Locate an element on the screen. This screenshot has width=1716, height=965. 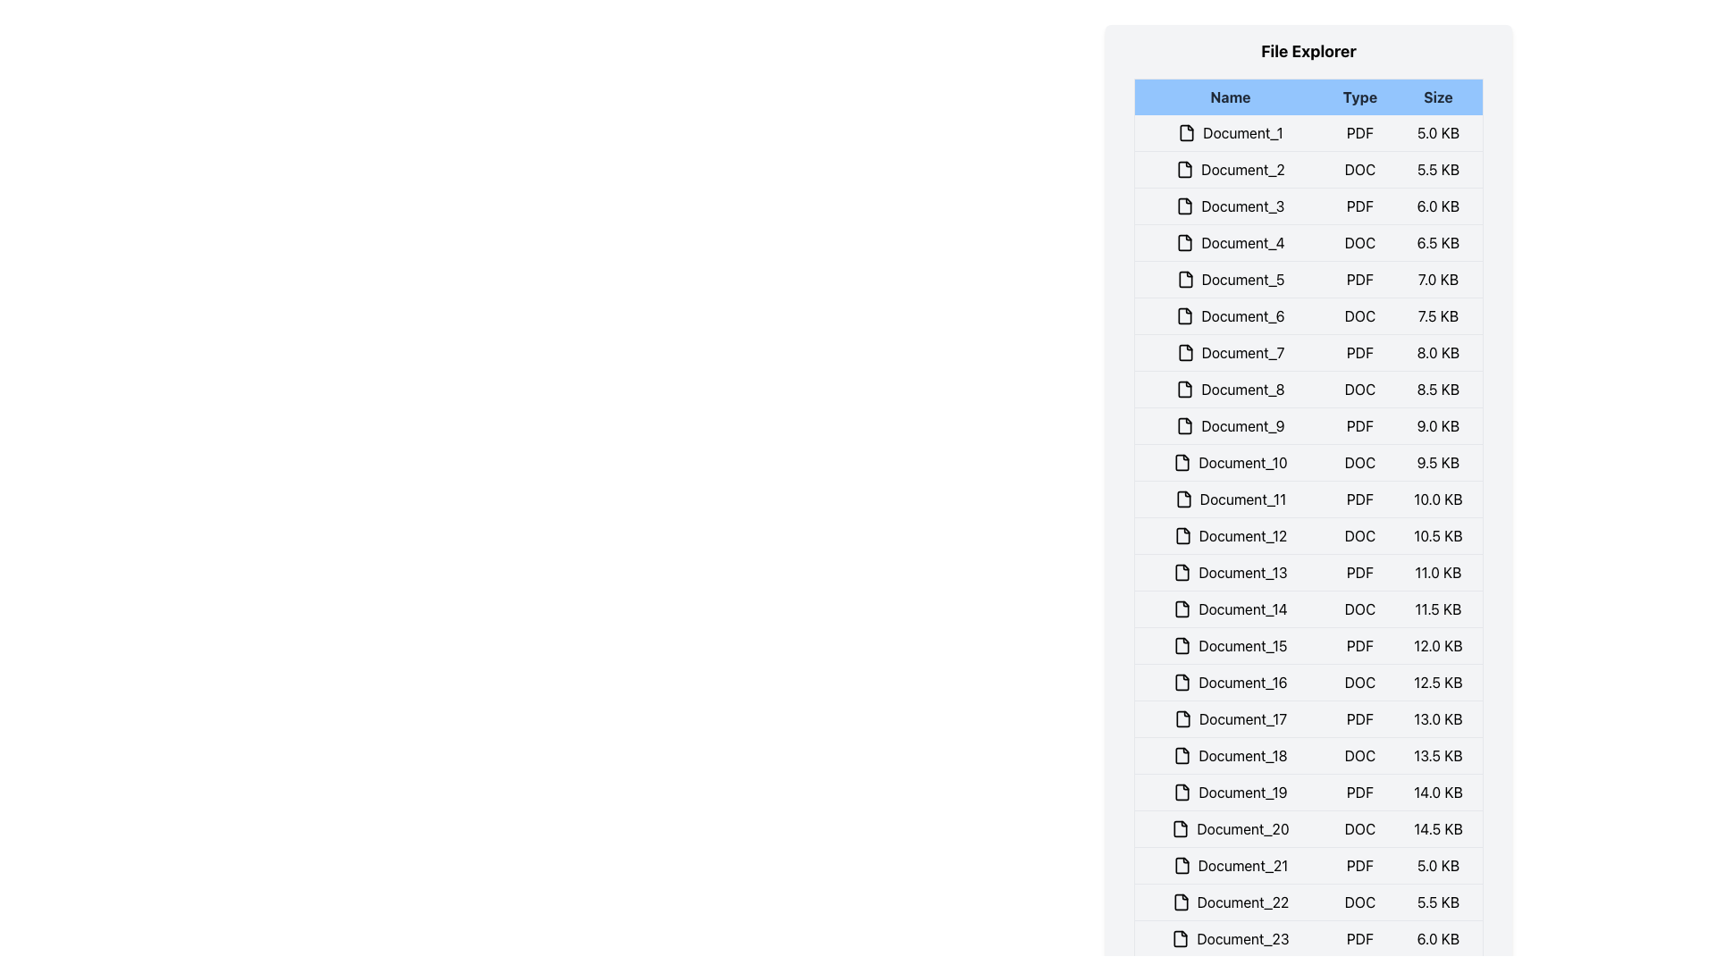
the text label displaying the file name 'Document_7' in the file explorer interface, located in the leftmost section of its row is located at coordinates (1230, 352).